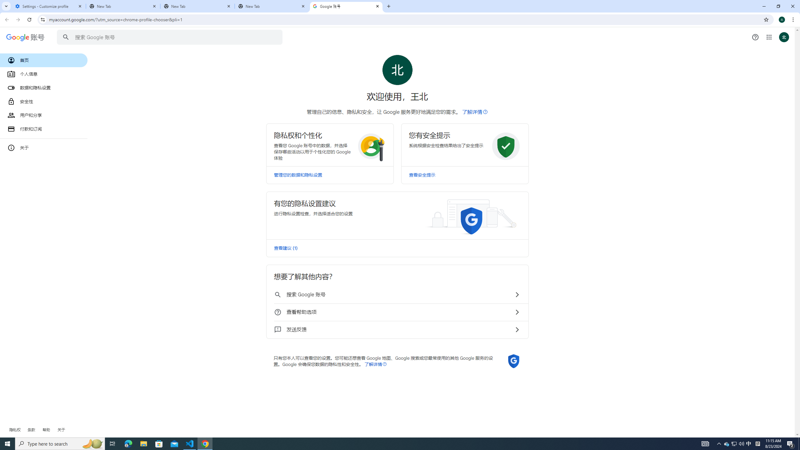  I want to click on 'View site information', so click(42, 19).